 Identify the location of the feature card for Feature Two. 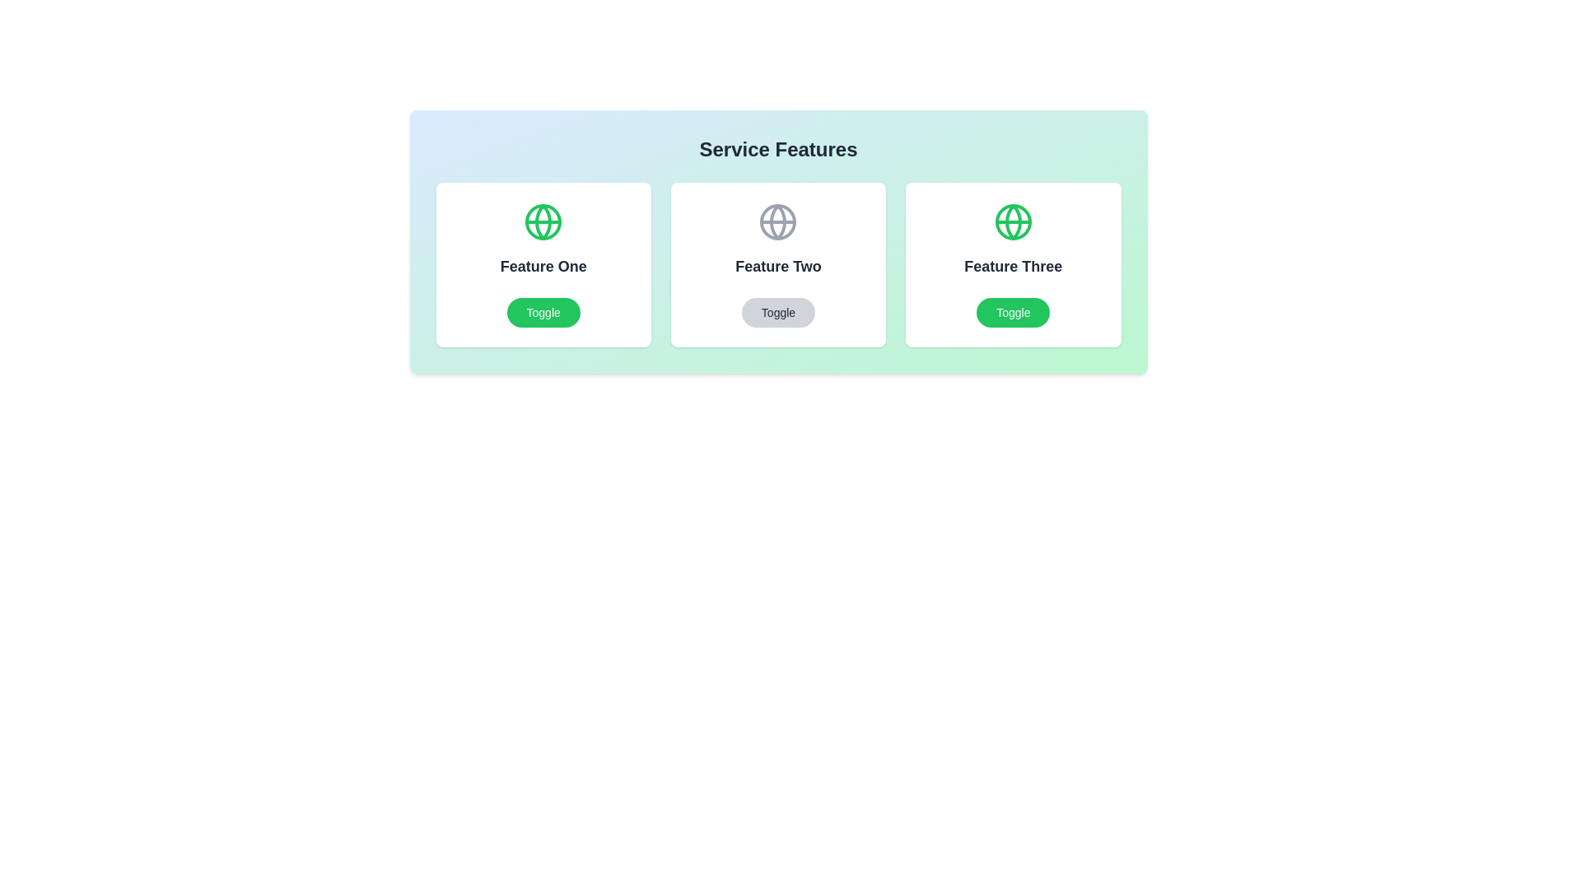
(777, 263).